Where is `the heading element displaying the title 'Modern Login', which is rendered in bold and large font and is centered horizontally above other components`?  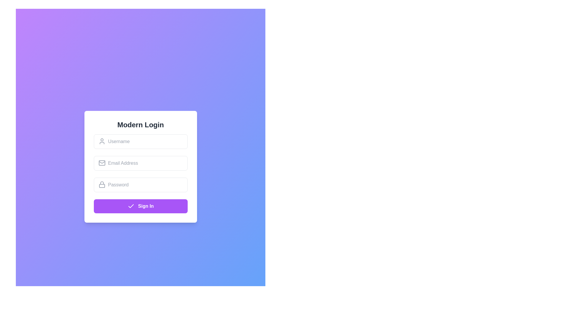 the heading element displaying the title 'Modern Login', which is rendered in bold and large font and is centered horizontally above other components is located at coordinates (140, 124).